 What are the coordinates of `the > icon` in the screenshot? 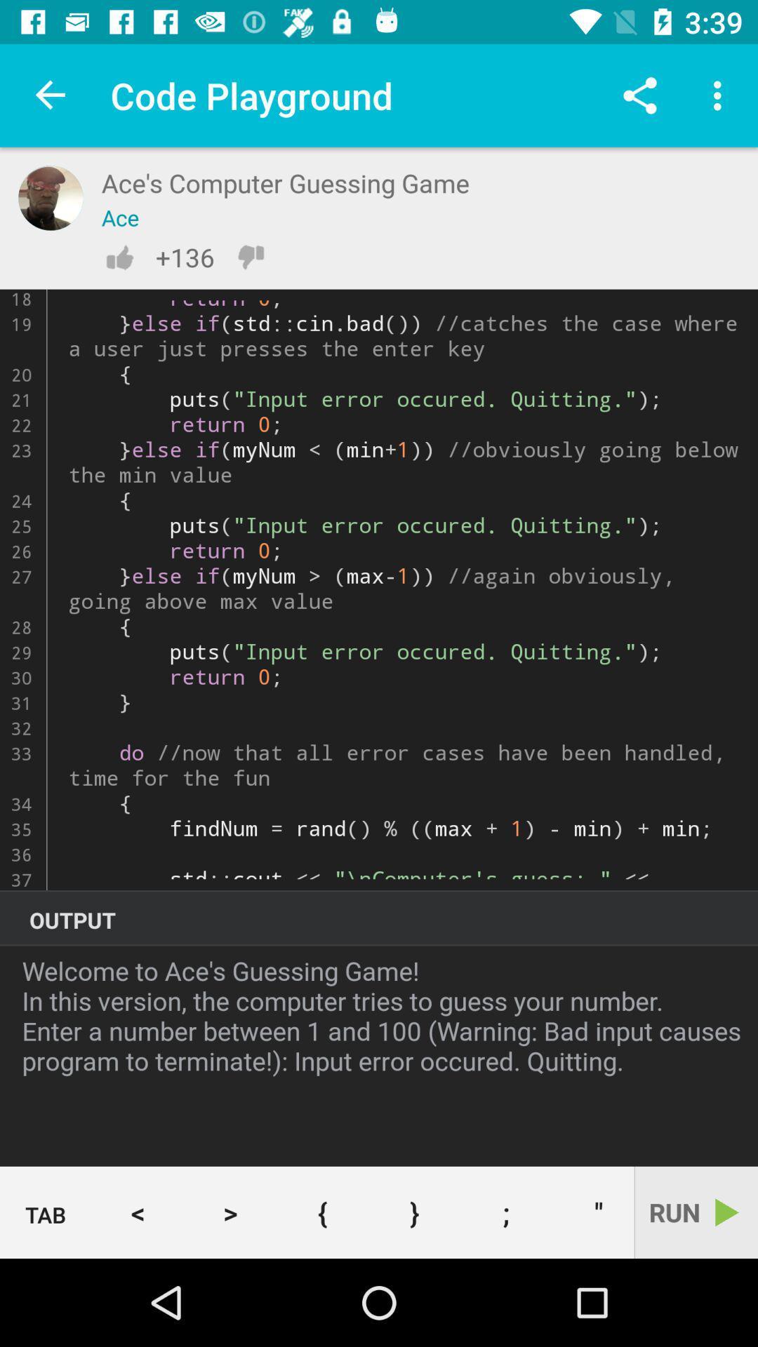 It's located at (230, 1212).